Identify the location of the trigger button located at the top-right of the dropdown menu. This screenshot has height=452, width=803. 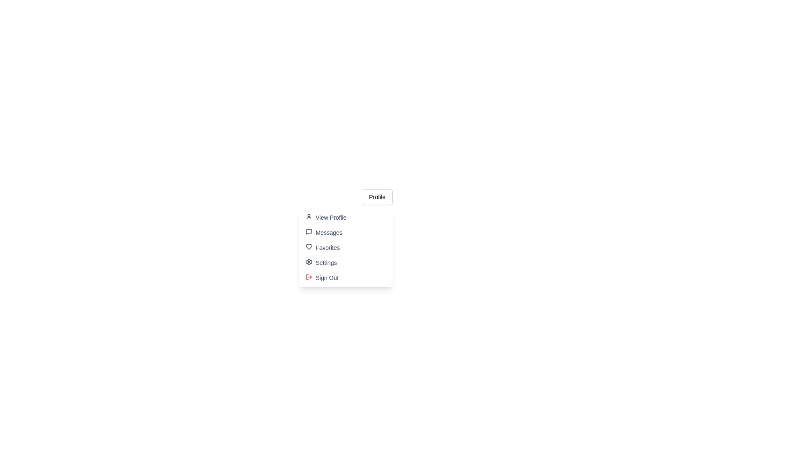
(377, 197).